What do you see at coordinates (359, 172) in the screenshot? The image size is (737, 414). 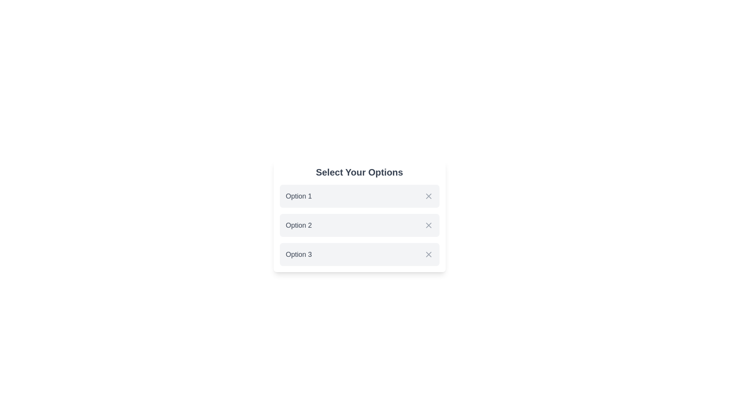 I see `the Text Label that serves as a title or heading for the selectable options below it, located at the top-center of a white rounded rectangle` at bounding box center [359, 172].